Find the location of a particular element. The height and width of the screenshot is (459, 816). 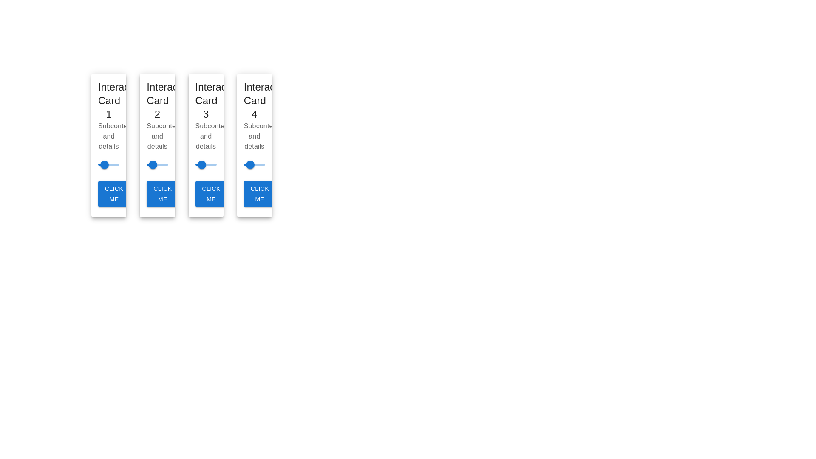

the rounded slider thumb with a blue fill located at the 30% position of the horizontal slider in the fourth interactive card is located at coordinates (249, 165).